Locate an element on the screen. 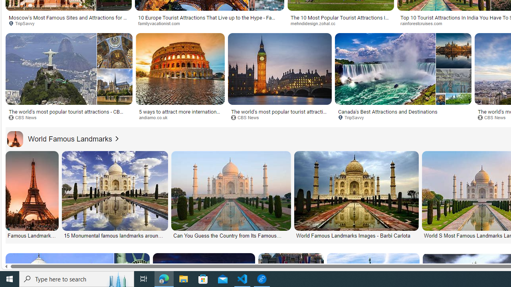 The image size is (511, 287). 'andiamo.co.uk' is located at coordinates (156, 117).